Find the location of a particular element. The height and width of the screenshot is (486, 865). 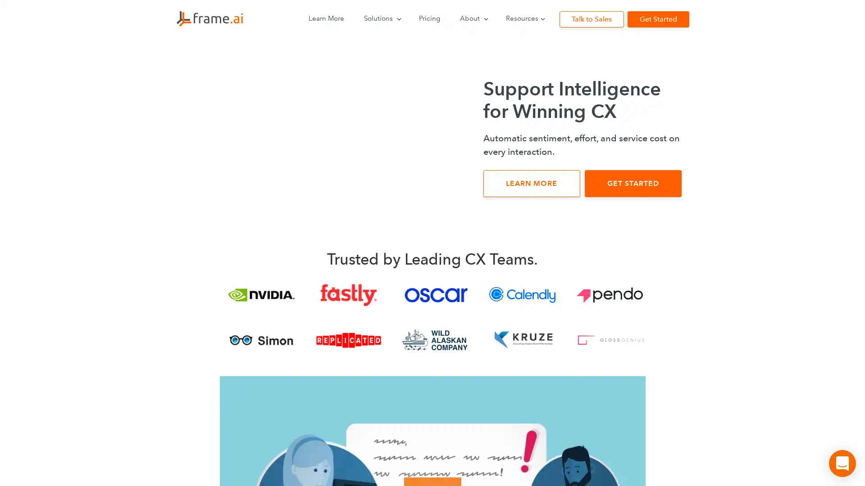

LEARN MORE is located at coordinates (531, 183).